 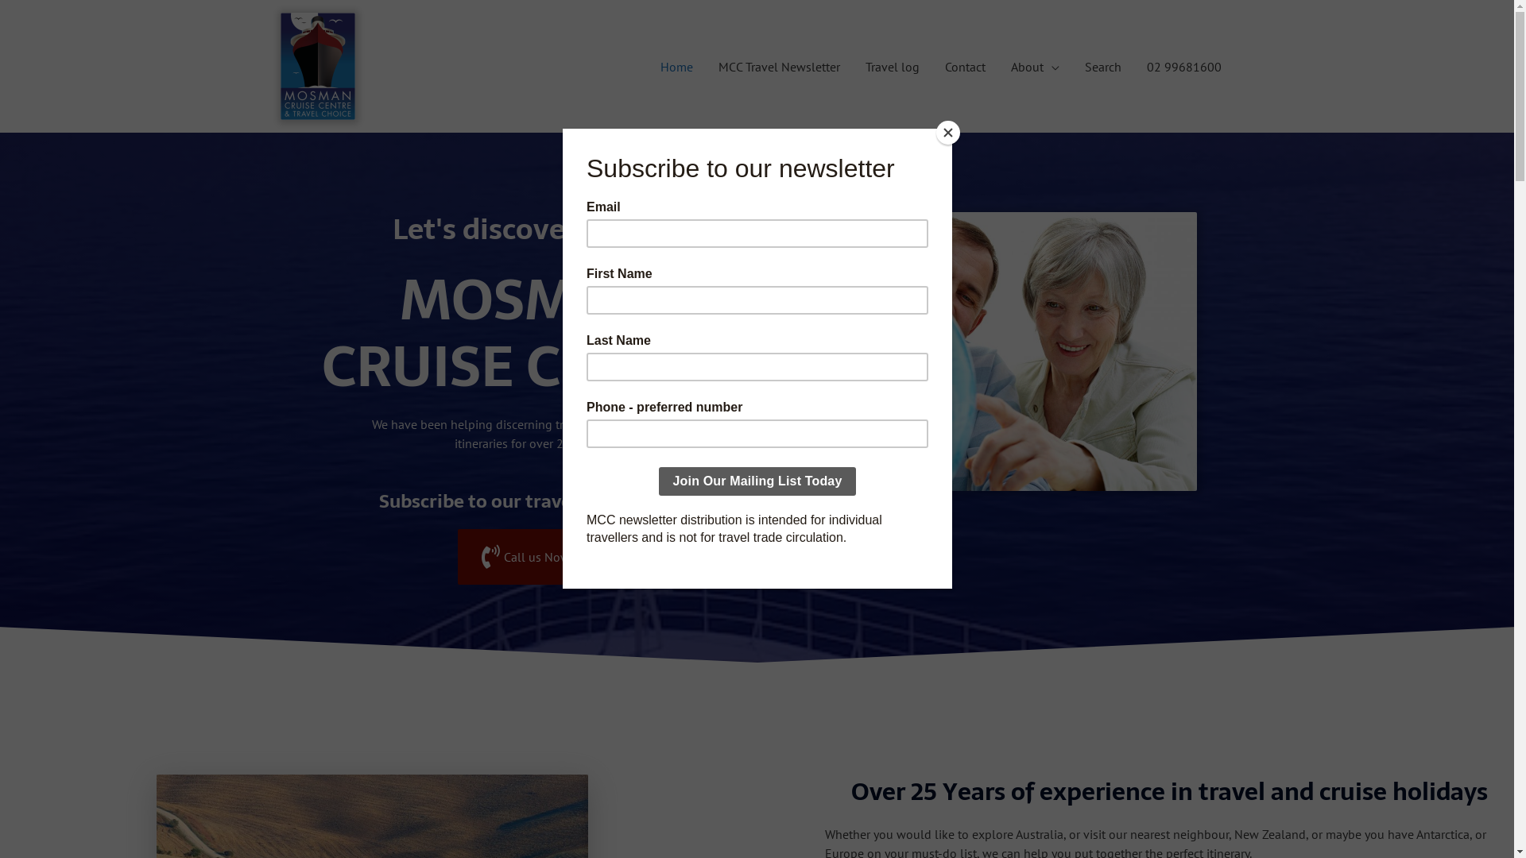 I want to click on 'MCC Travel Newsletter', so click(x=779, y=65).